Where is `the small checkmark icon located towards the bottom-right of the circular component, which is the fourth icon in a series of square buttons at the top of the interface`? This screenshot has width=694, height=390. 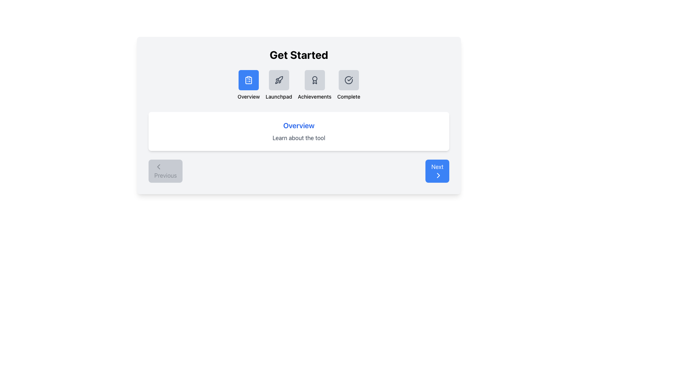
the small checkmark icon located towards the bottom-right of the circular component, which is the fourth icon in a series of square buttons at the top of the interface is located at coordinates (350, 79).